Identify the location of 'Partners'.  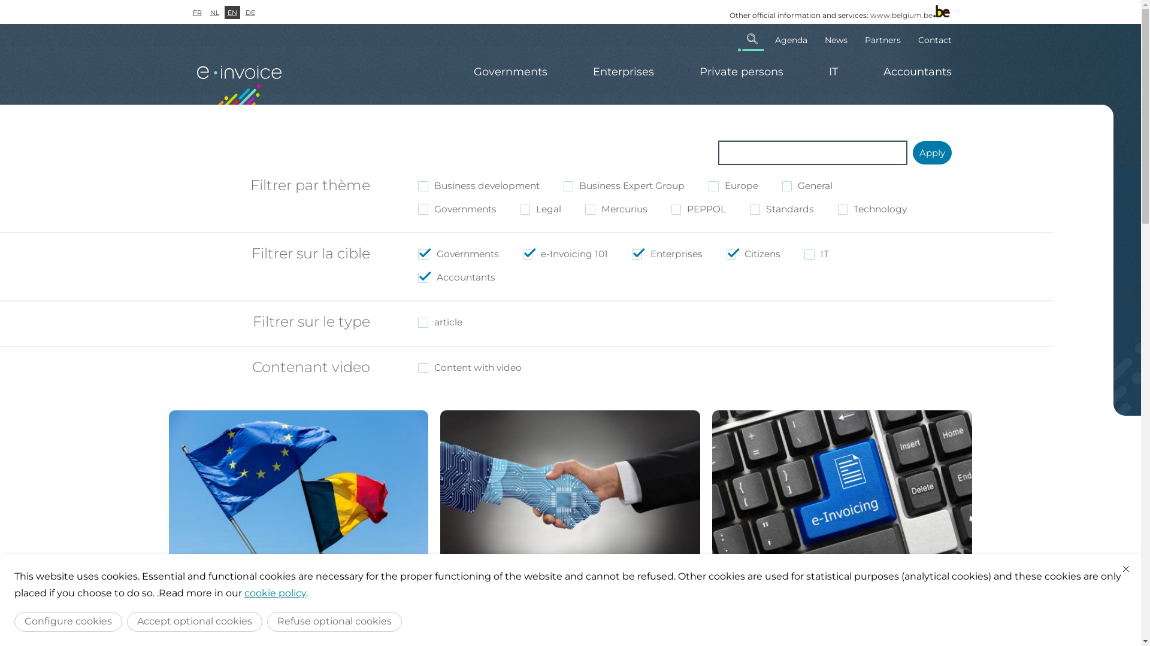
(882, 38).